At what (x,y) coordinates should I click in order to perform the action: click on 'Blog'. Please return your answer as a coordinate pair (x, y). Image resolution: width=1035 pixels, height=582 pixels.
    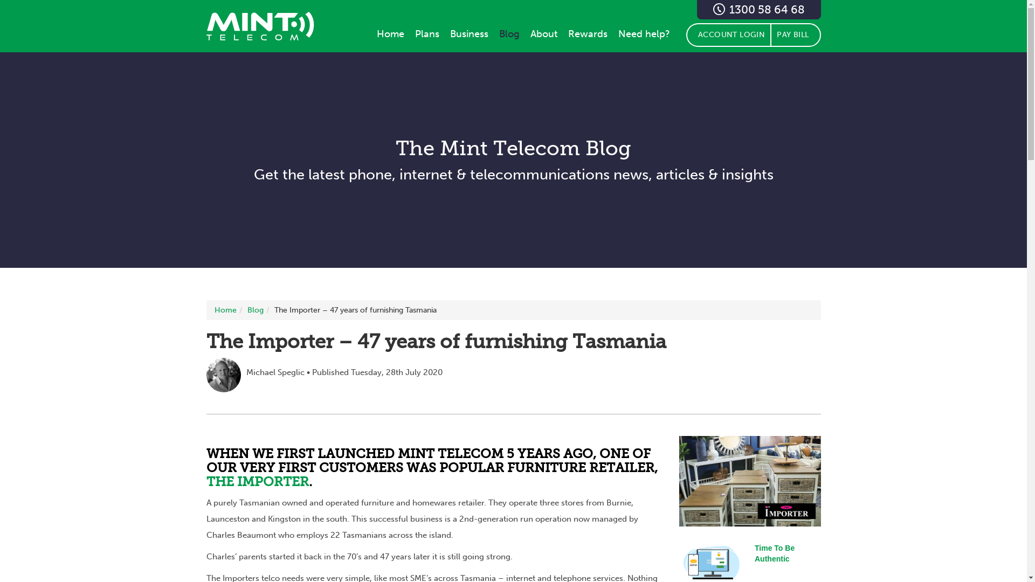
    Looking at the image, I should click on (493, 33).